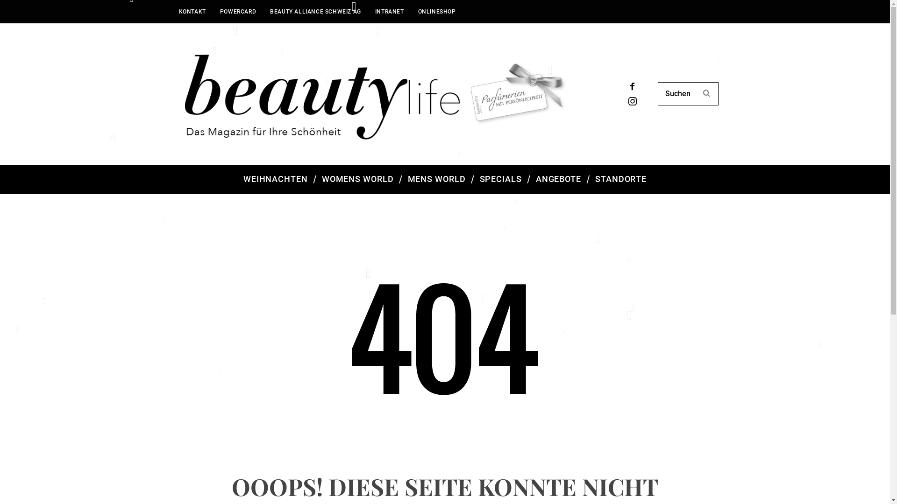 Image resolution: width=897 pixels, height=504 pixels. I want to click on 'INTRANET', so click(390, 11).